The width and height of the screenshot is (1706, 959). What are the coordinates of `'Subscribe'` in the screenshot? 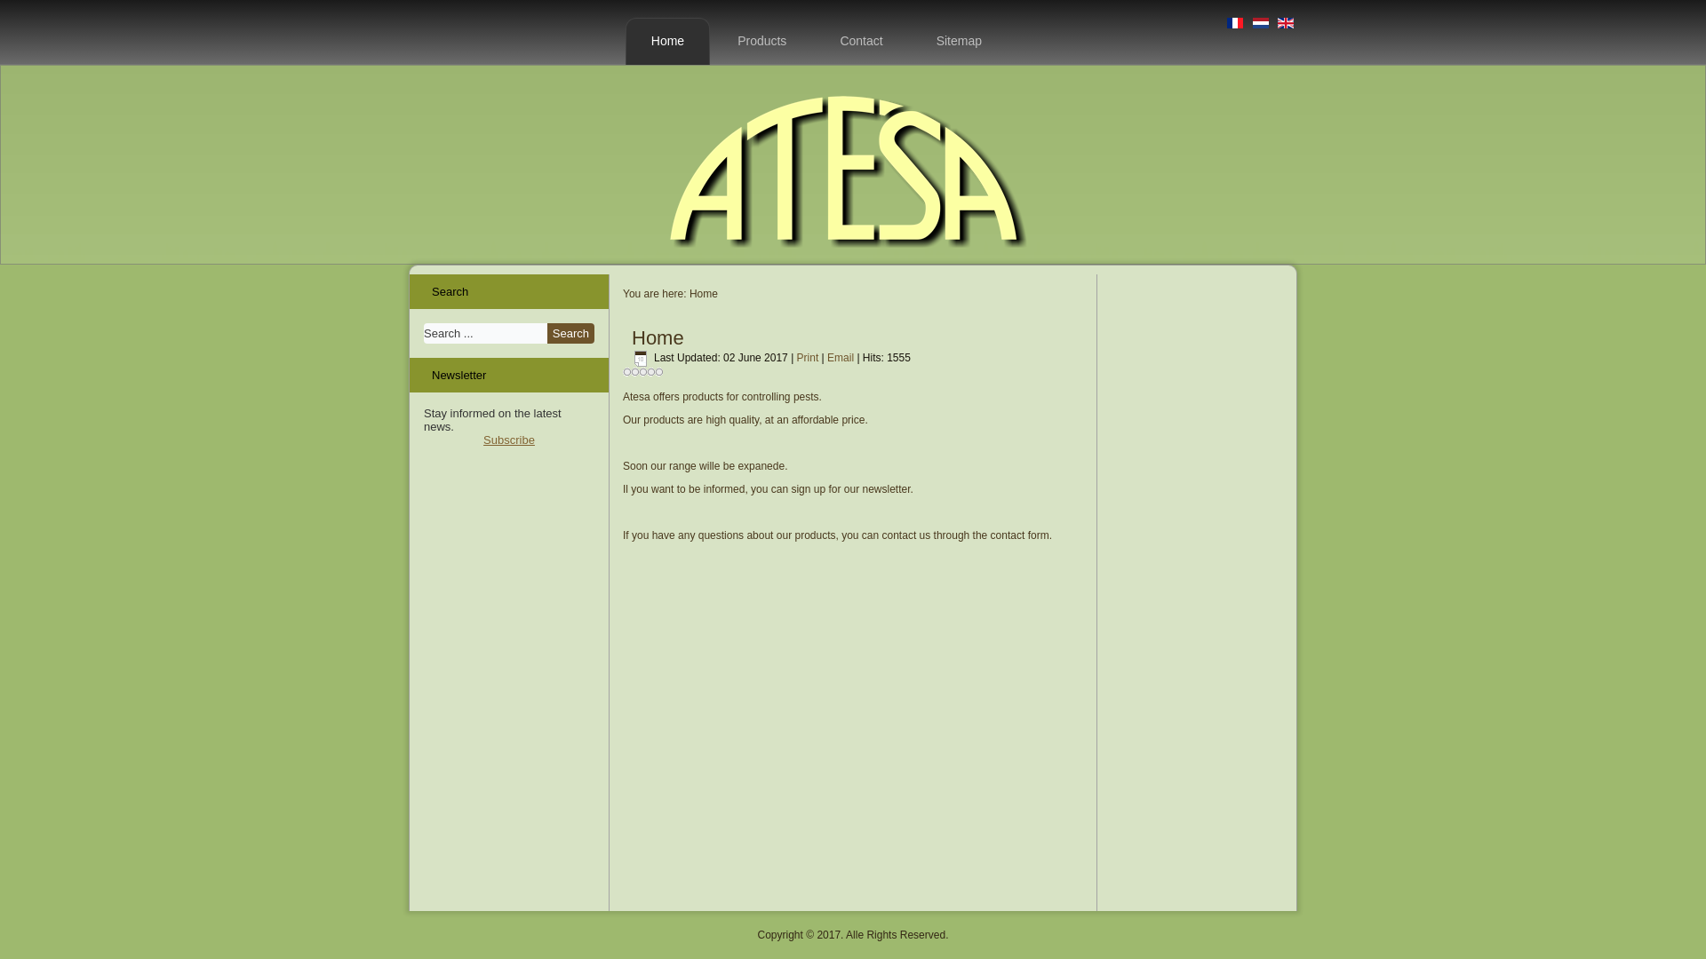 It's located at (507, 440).